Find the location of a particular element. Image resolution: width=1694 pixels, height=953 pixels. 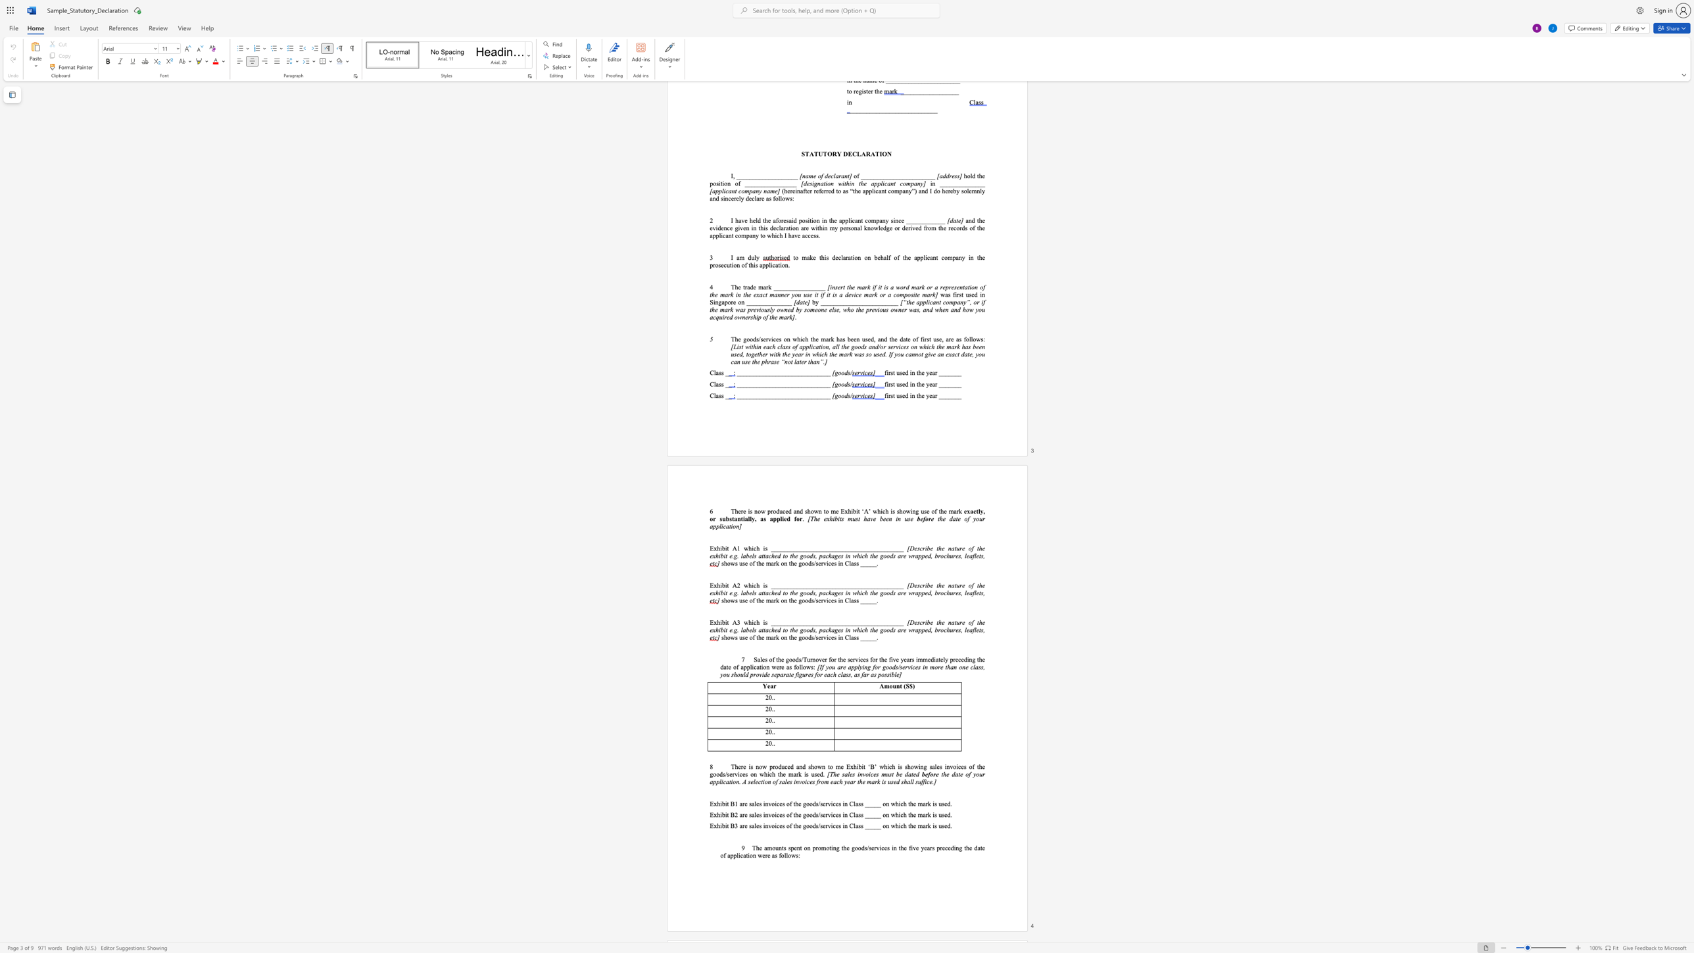

the subset text "_______" within the text "Exhibit A2 which is _________________________________________" is located at coordinates (796, 585).